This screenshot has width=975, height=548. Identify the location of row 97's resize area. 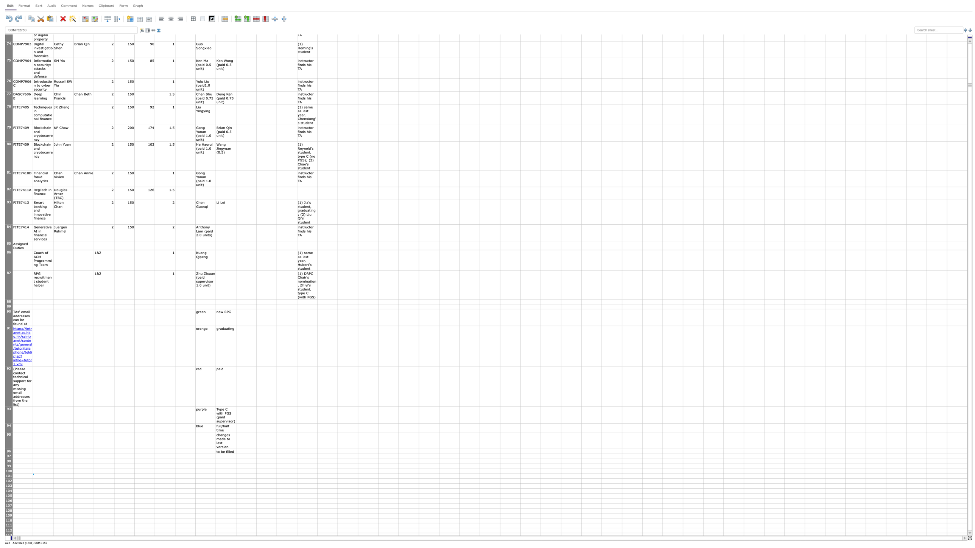
(9, 458).